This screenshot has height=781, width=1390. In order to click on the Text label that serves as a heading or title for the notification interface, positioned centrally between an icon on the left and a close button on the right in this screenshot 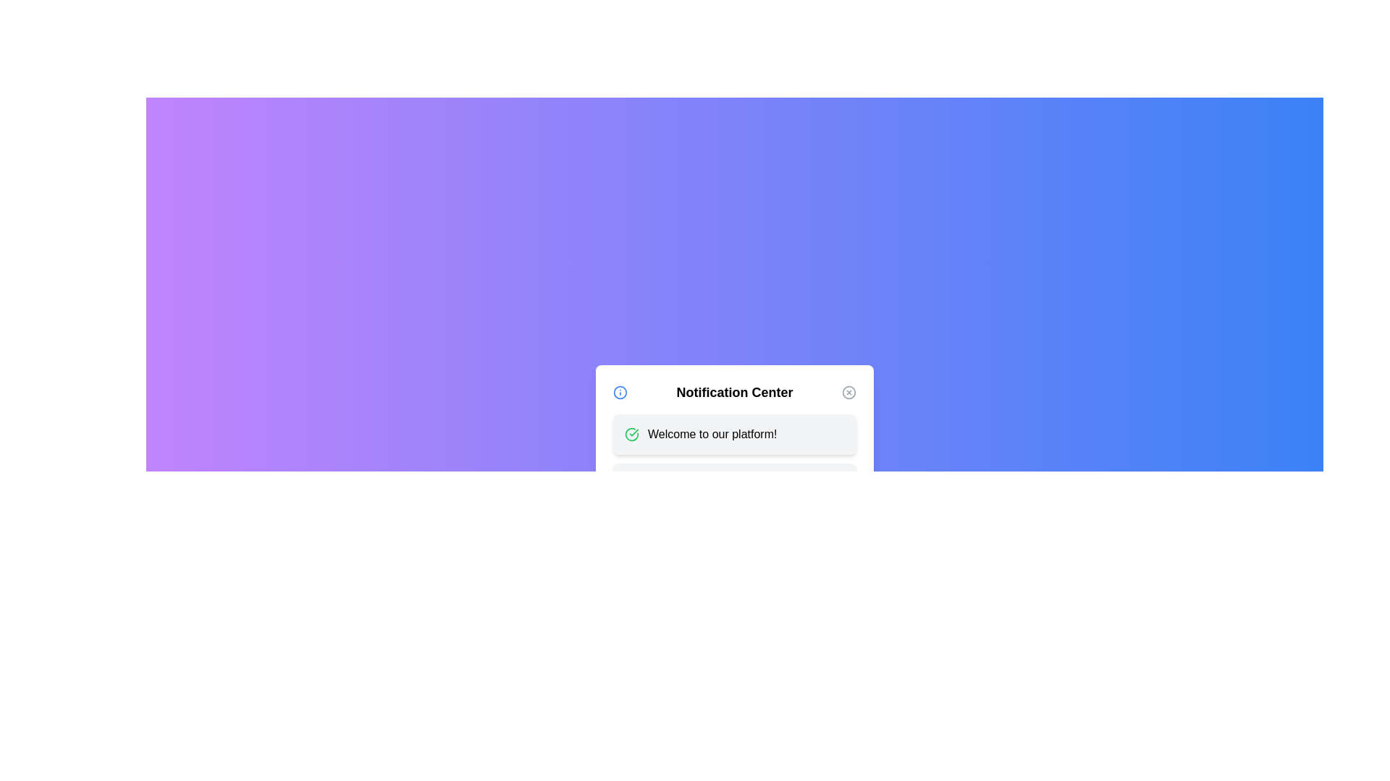, I will do `click(734, 393)`.